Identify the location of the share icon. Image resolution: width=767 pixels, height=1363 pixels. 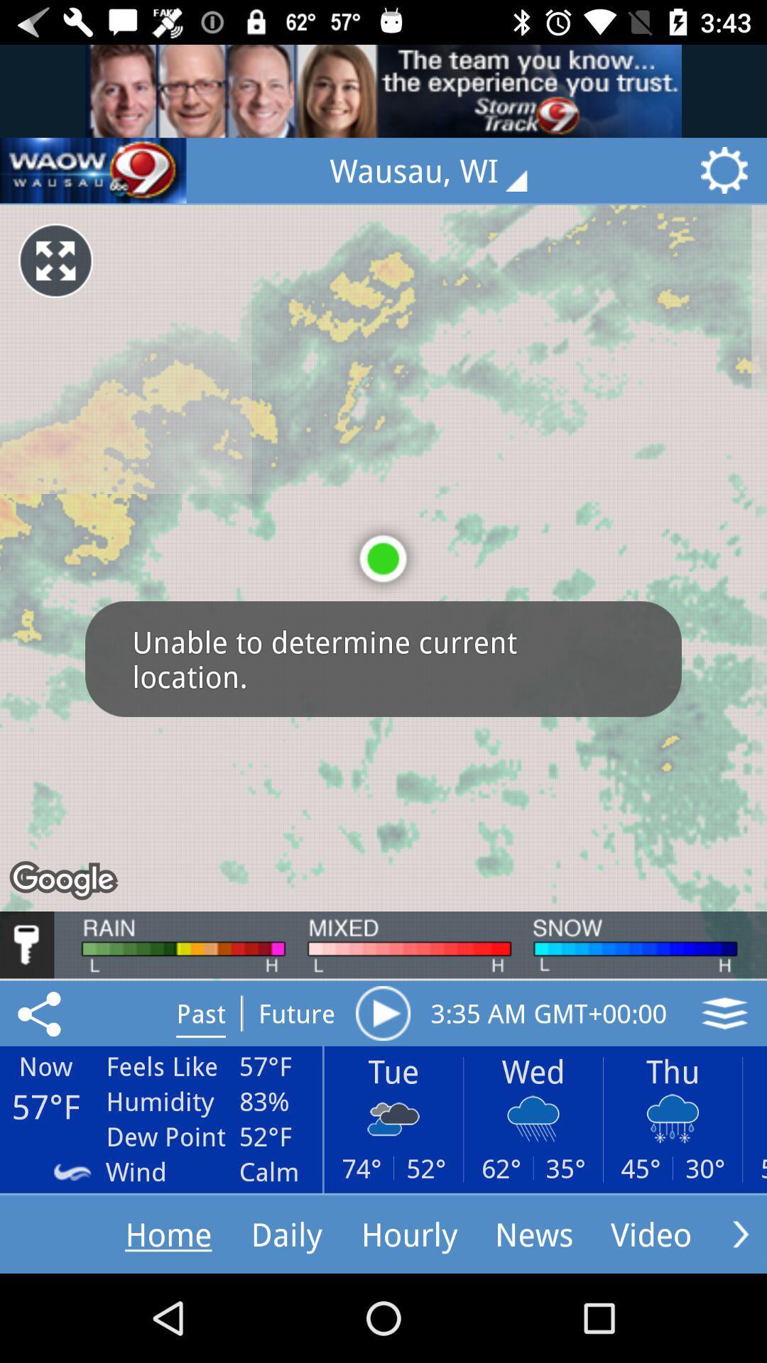
(41, 1012).